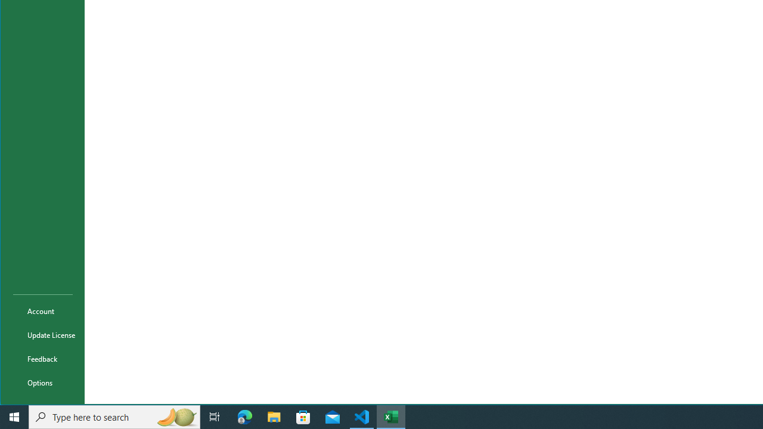  What do you see at coordinates (114, 416) in the screenshot?
I see `'Type here to search'` at bounding box center [114, 416].